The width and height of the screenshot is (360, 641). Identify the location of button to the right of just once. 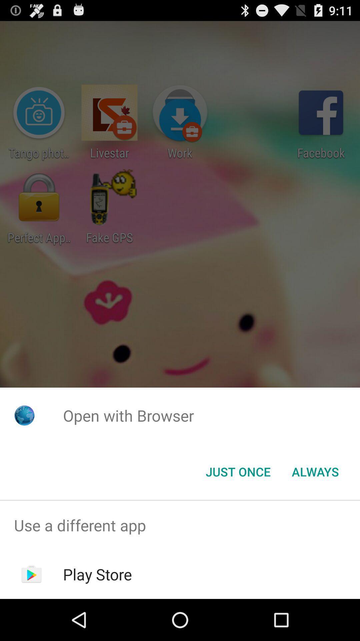
(315, 471).